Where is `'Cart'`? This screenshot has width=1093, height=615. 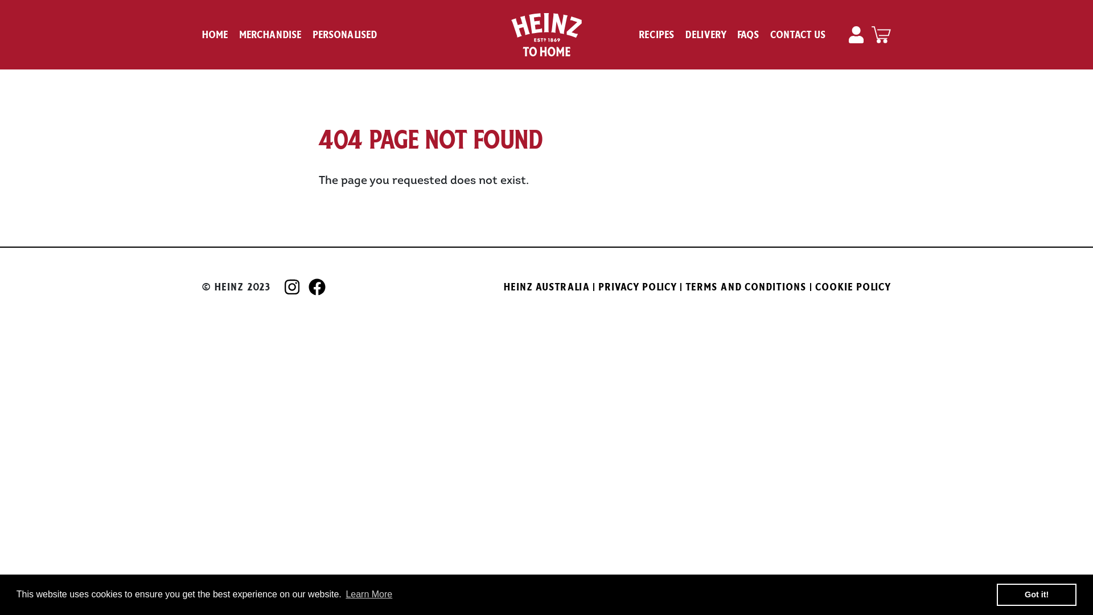 'Cart' is located at coordinates (880, 34).